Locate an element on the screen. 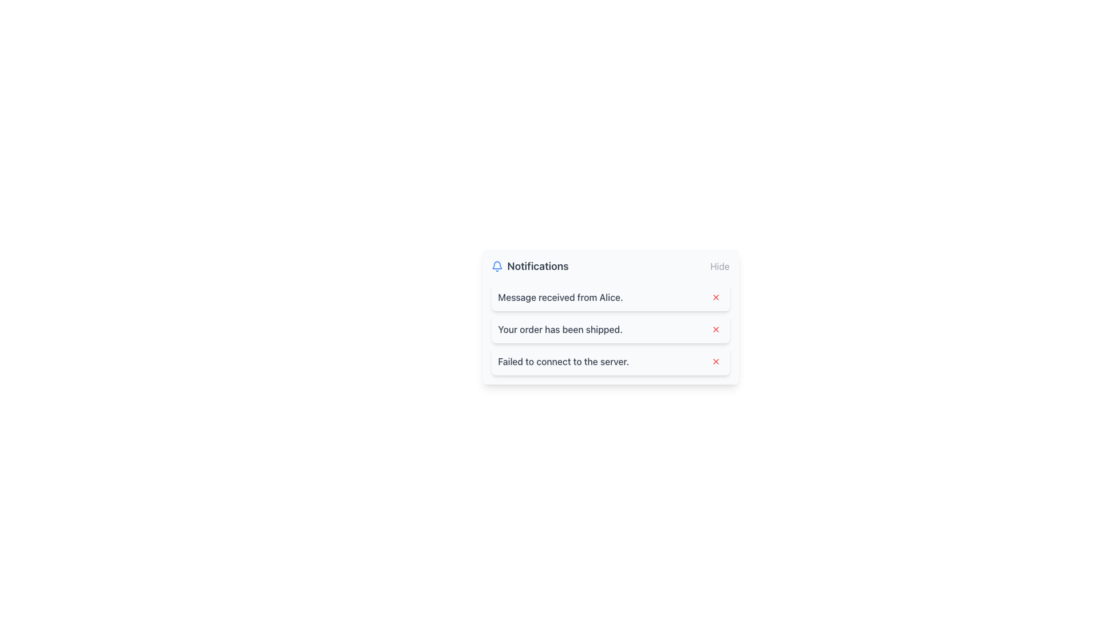  the close button associated with the second notification item is located at coordinates (715, 329).